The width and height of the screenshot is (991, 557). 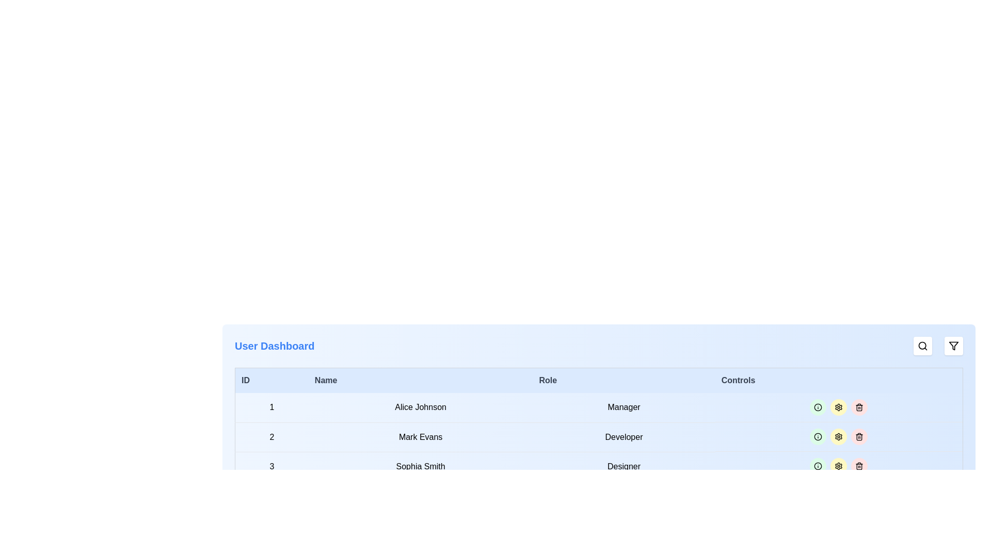 What do you see at coordinates (599, 437) in the screenshot?
I see `the second table row containing 'Mark Evans'` at bounding box center [599, 437].